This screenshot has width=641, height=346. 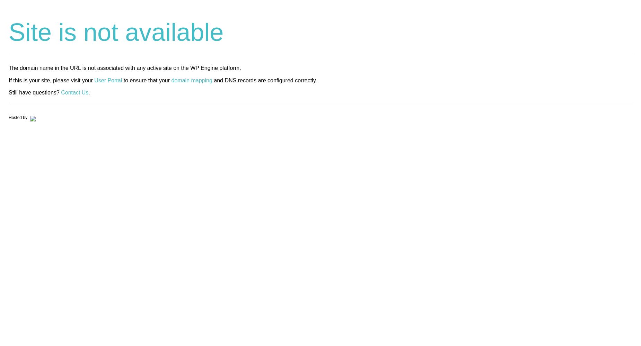 I want to click on 'User Portal', so click(x=107, y=80).